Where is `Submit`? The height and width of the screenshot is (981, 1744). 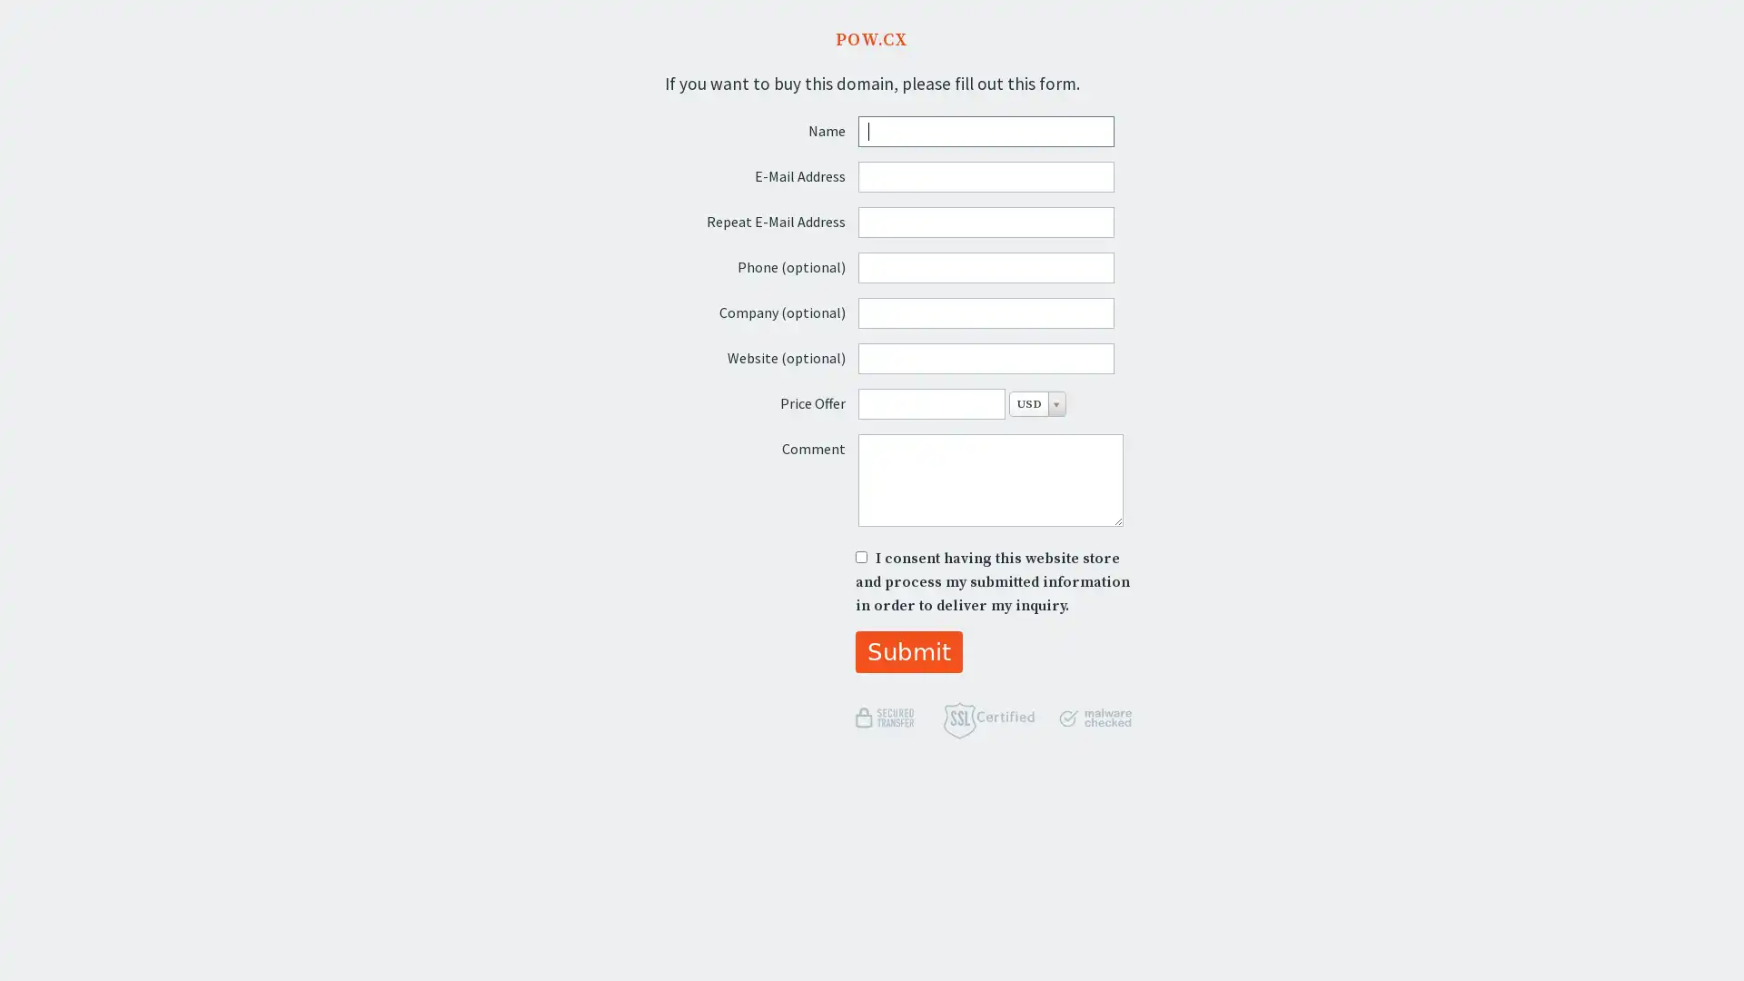
Submit is located at coordinates (908, 650).